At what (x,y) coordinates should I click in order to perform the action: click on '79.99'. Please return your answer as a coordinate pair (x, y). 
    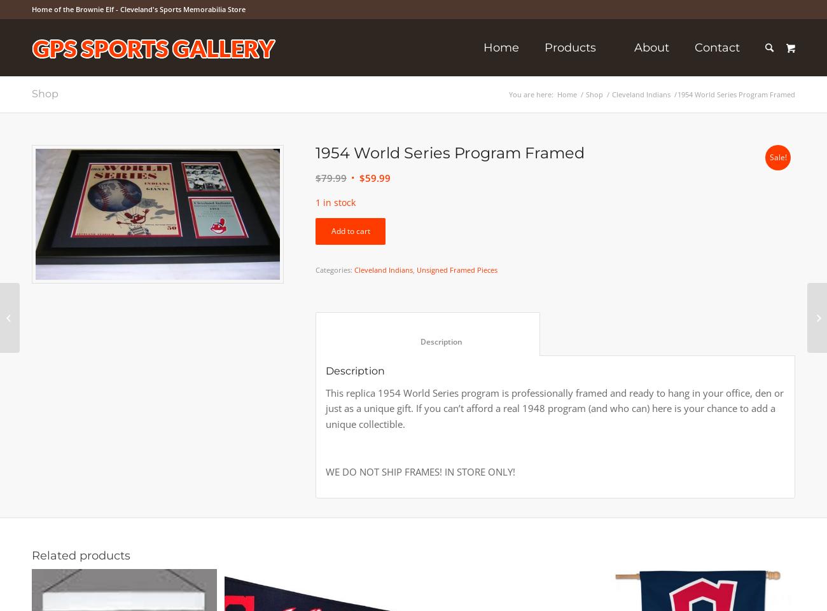
    Looking at the image, I should click on (333, 178).